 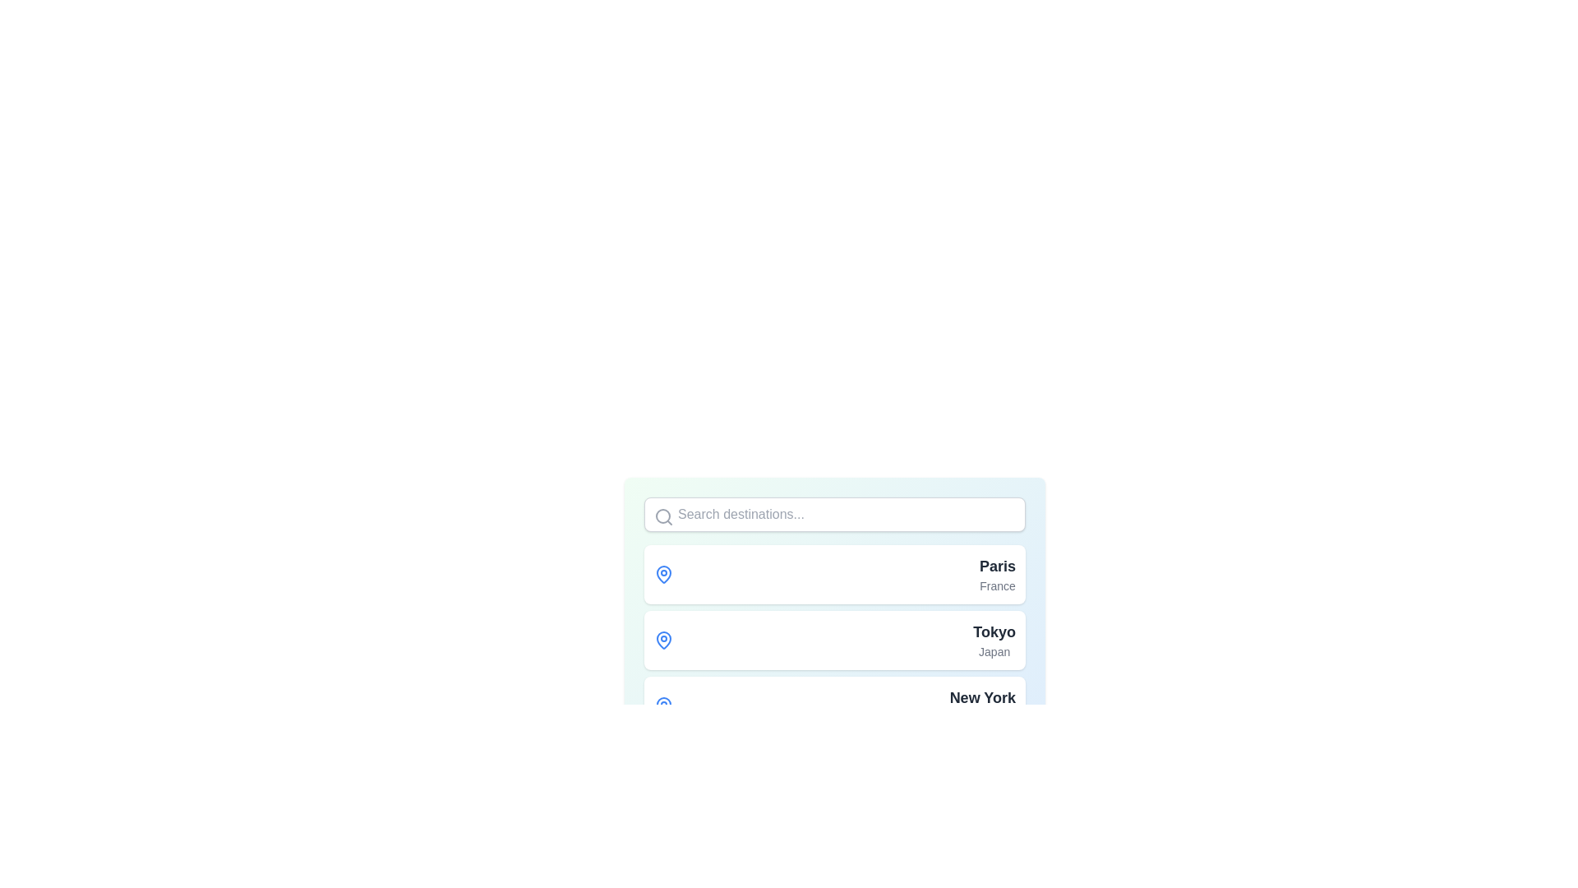 I want to click on the text label displaying 'Japan', which is located directly below the heading 'Tokyo' in a smaller gray font within the list of destinations, so click(x=994, y=651).